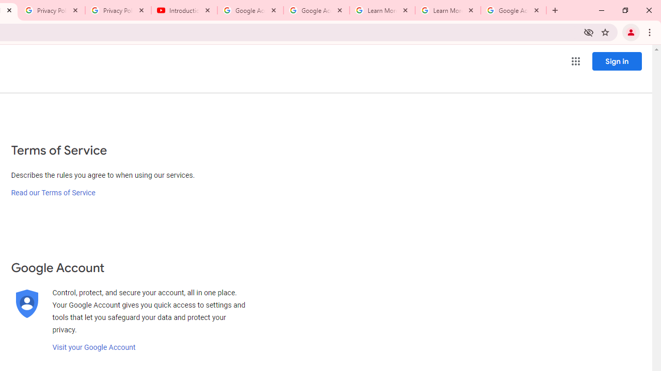 The height and width of the screenshot is (371, 661). I want to click on 'Read our Terms of Service', so click(53, 193).